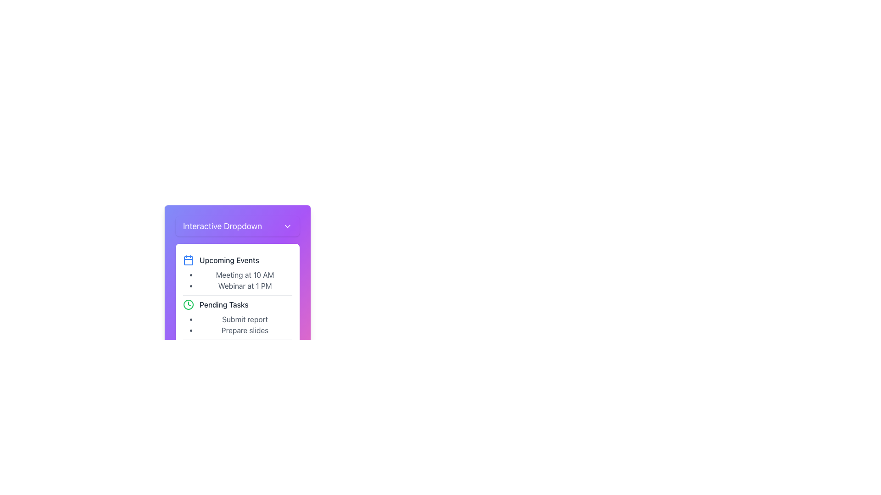  Describe the element at coordinates (188, 261) in the screenshot. I see `the decorative rectangle element that enhances the calendar icon and indicates events in the 'Upcoming Events' section by moving the cursor to its center point` at that location.